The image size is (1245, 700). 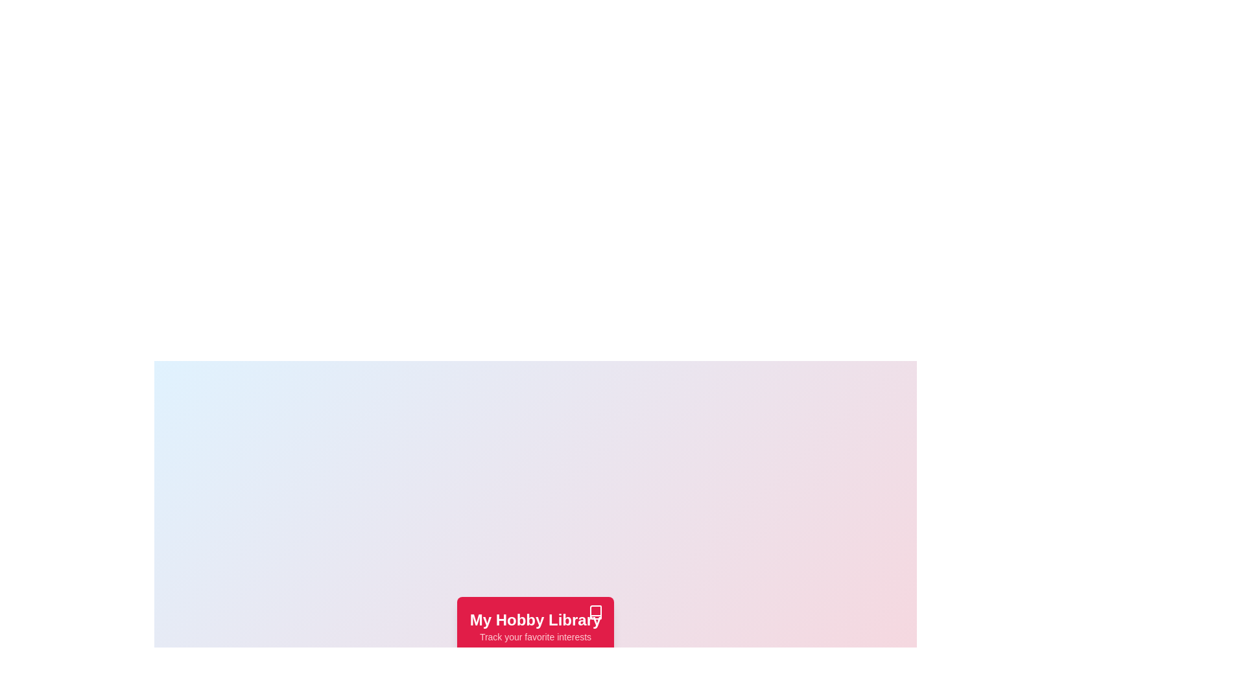 What do you see at coordinates (535, 626) in the screenshot?
I see `the banner titled 'My Hobby Library' with a bold red background and white text, which includes a subtitle 'Track your favorite interests'` at bounding box center [535, 626].